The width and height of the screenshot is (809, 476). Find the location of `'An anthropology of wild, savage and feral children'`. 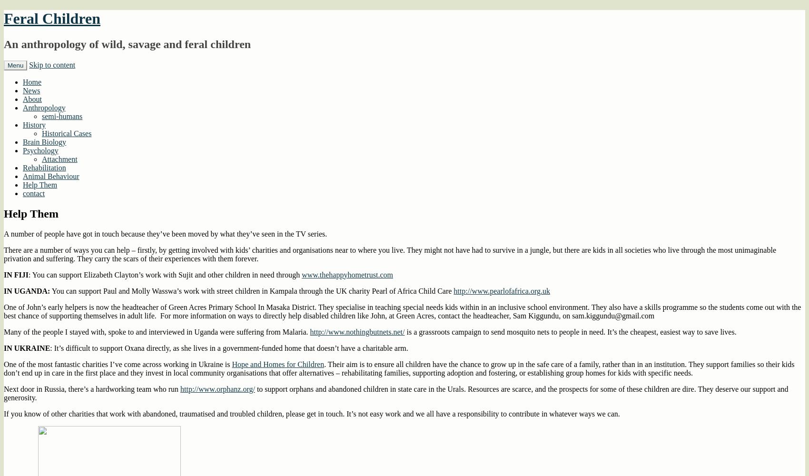

'An anthropology of wild, savage and feral children' is located at coordinates (127, 43).